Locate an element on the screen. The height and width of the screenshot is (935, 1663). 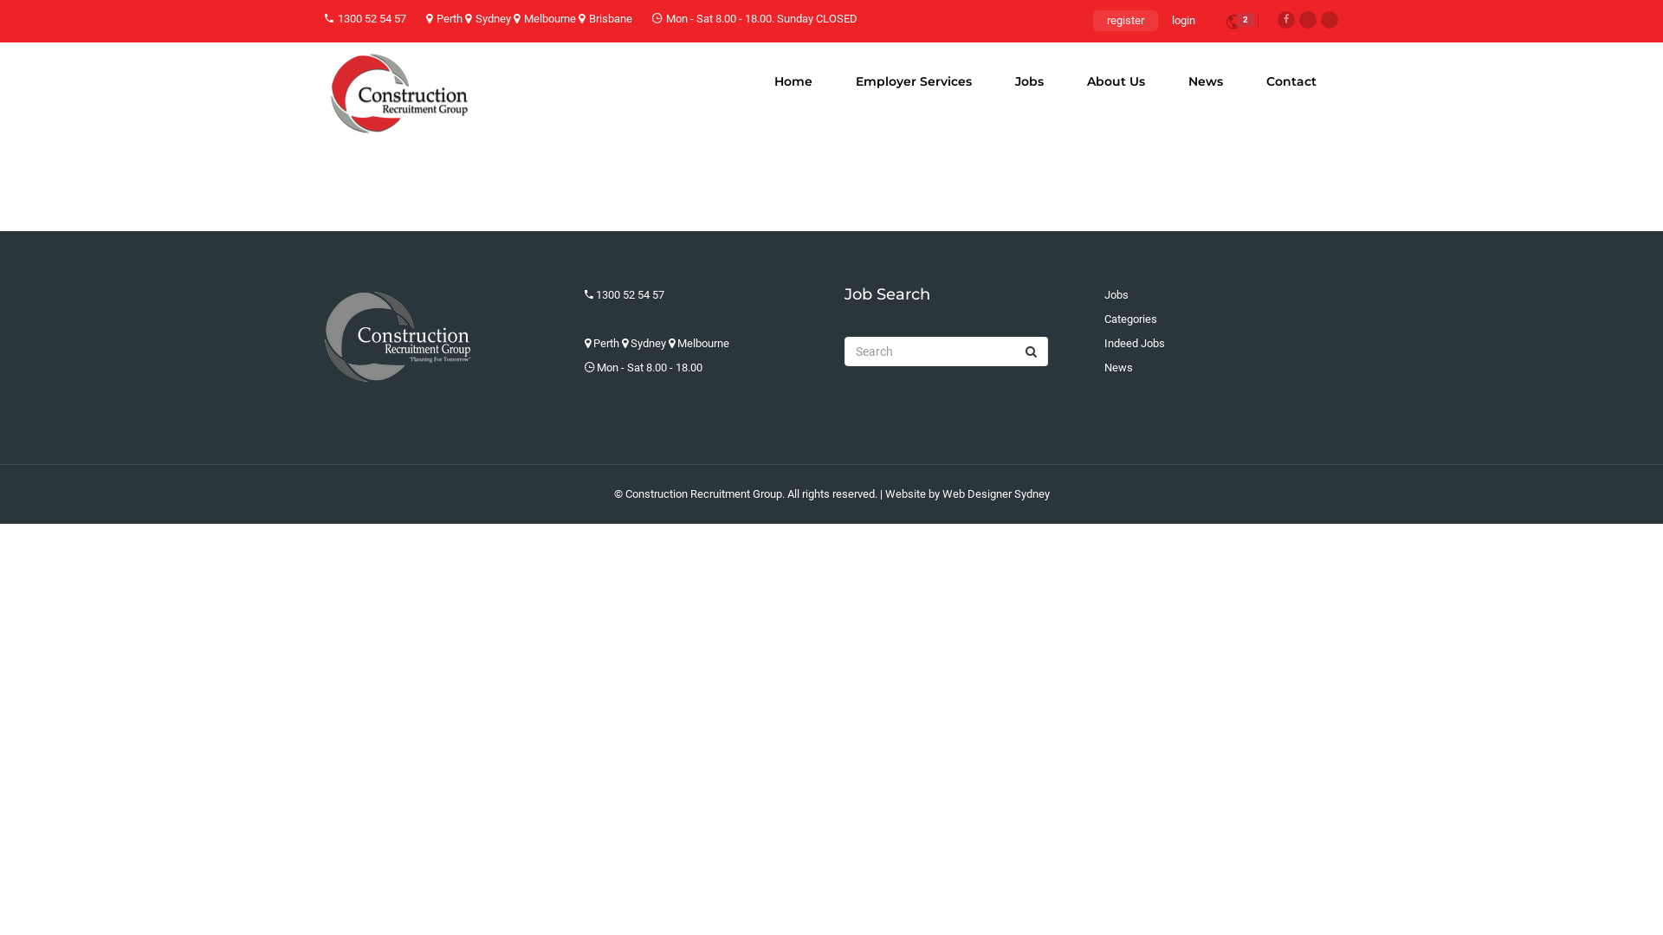
'News' is located at coordinates (1205, 81).